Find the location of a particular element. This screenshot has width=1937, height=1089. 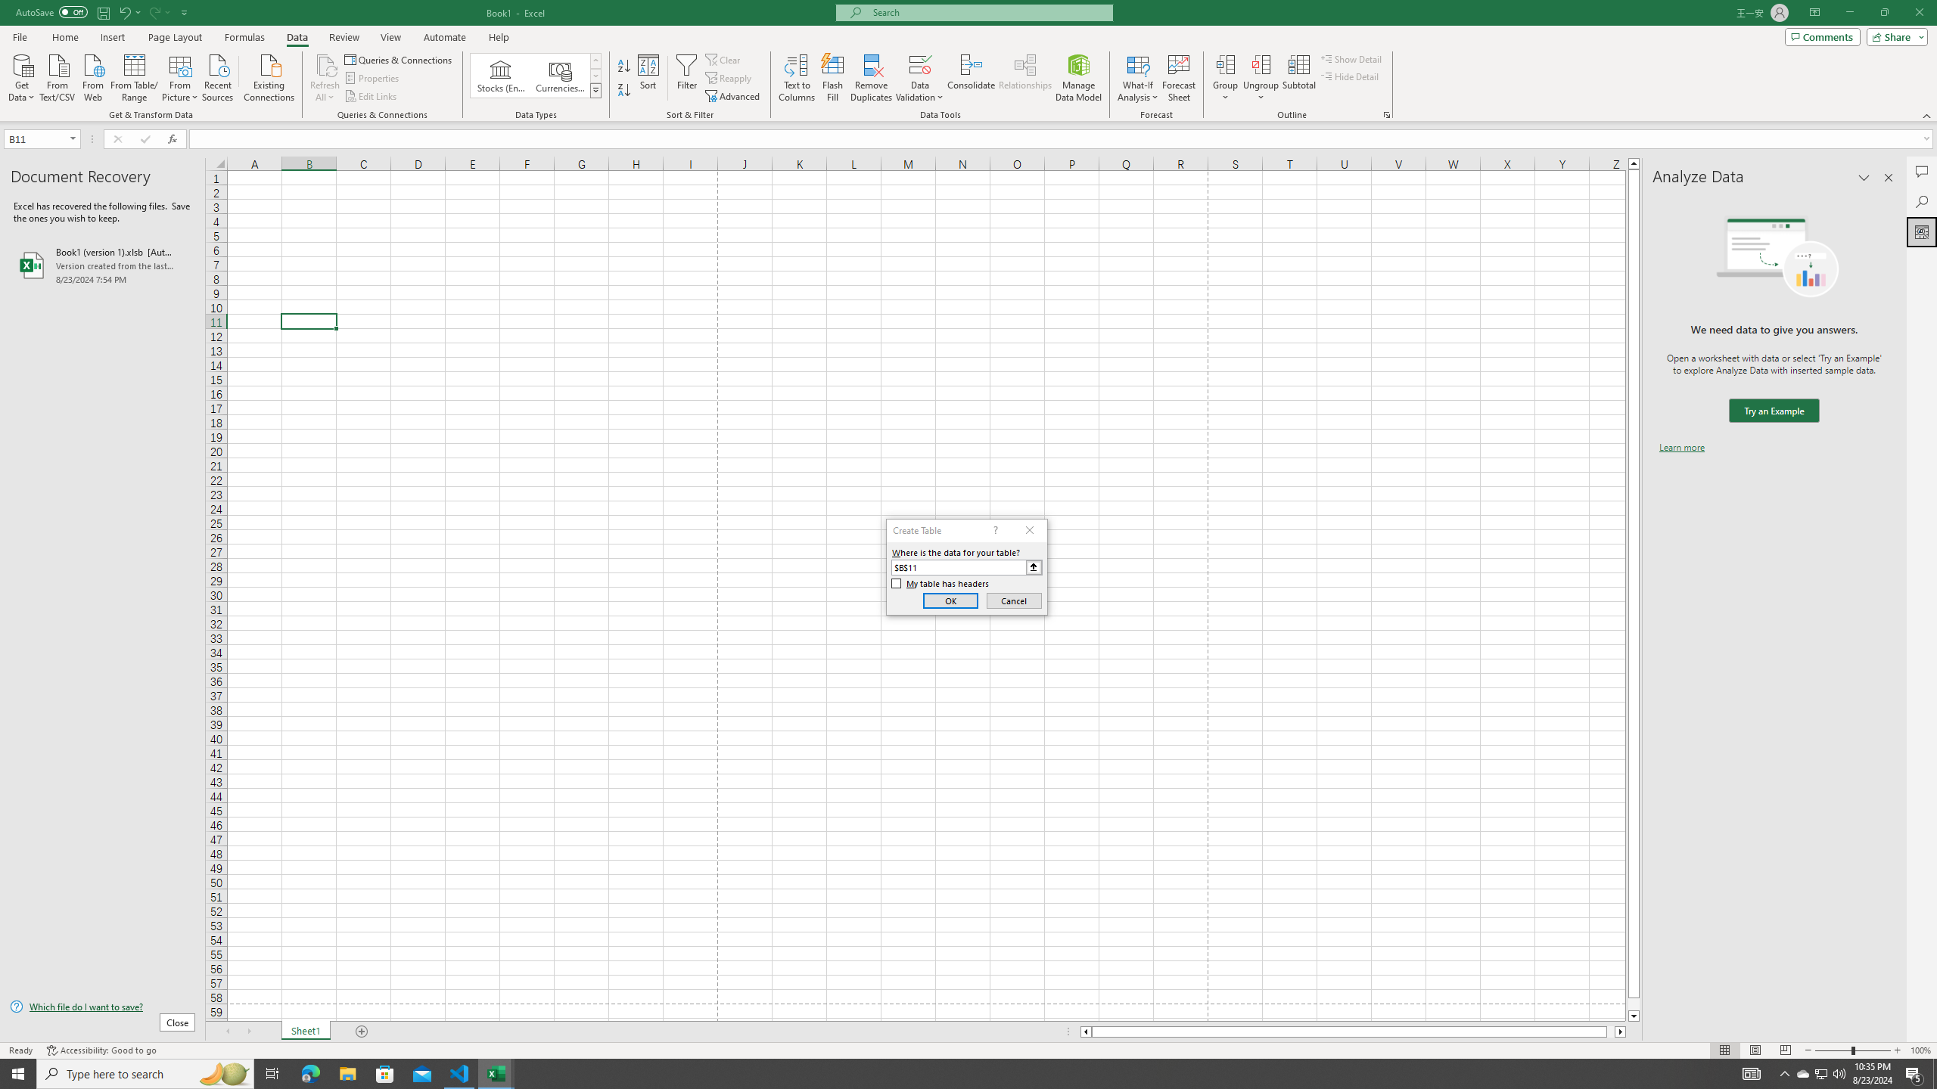

'Refresh All' is located at coordinates (325, 78).